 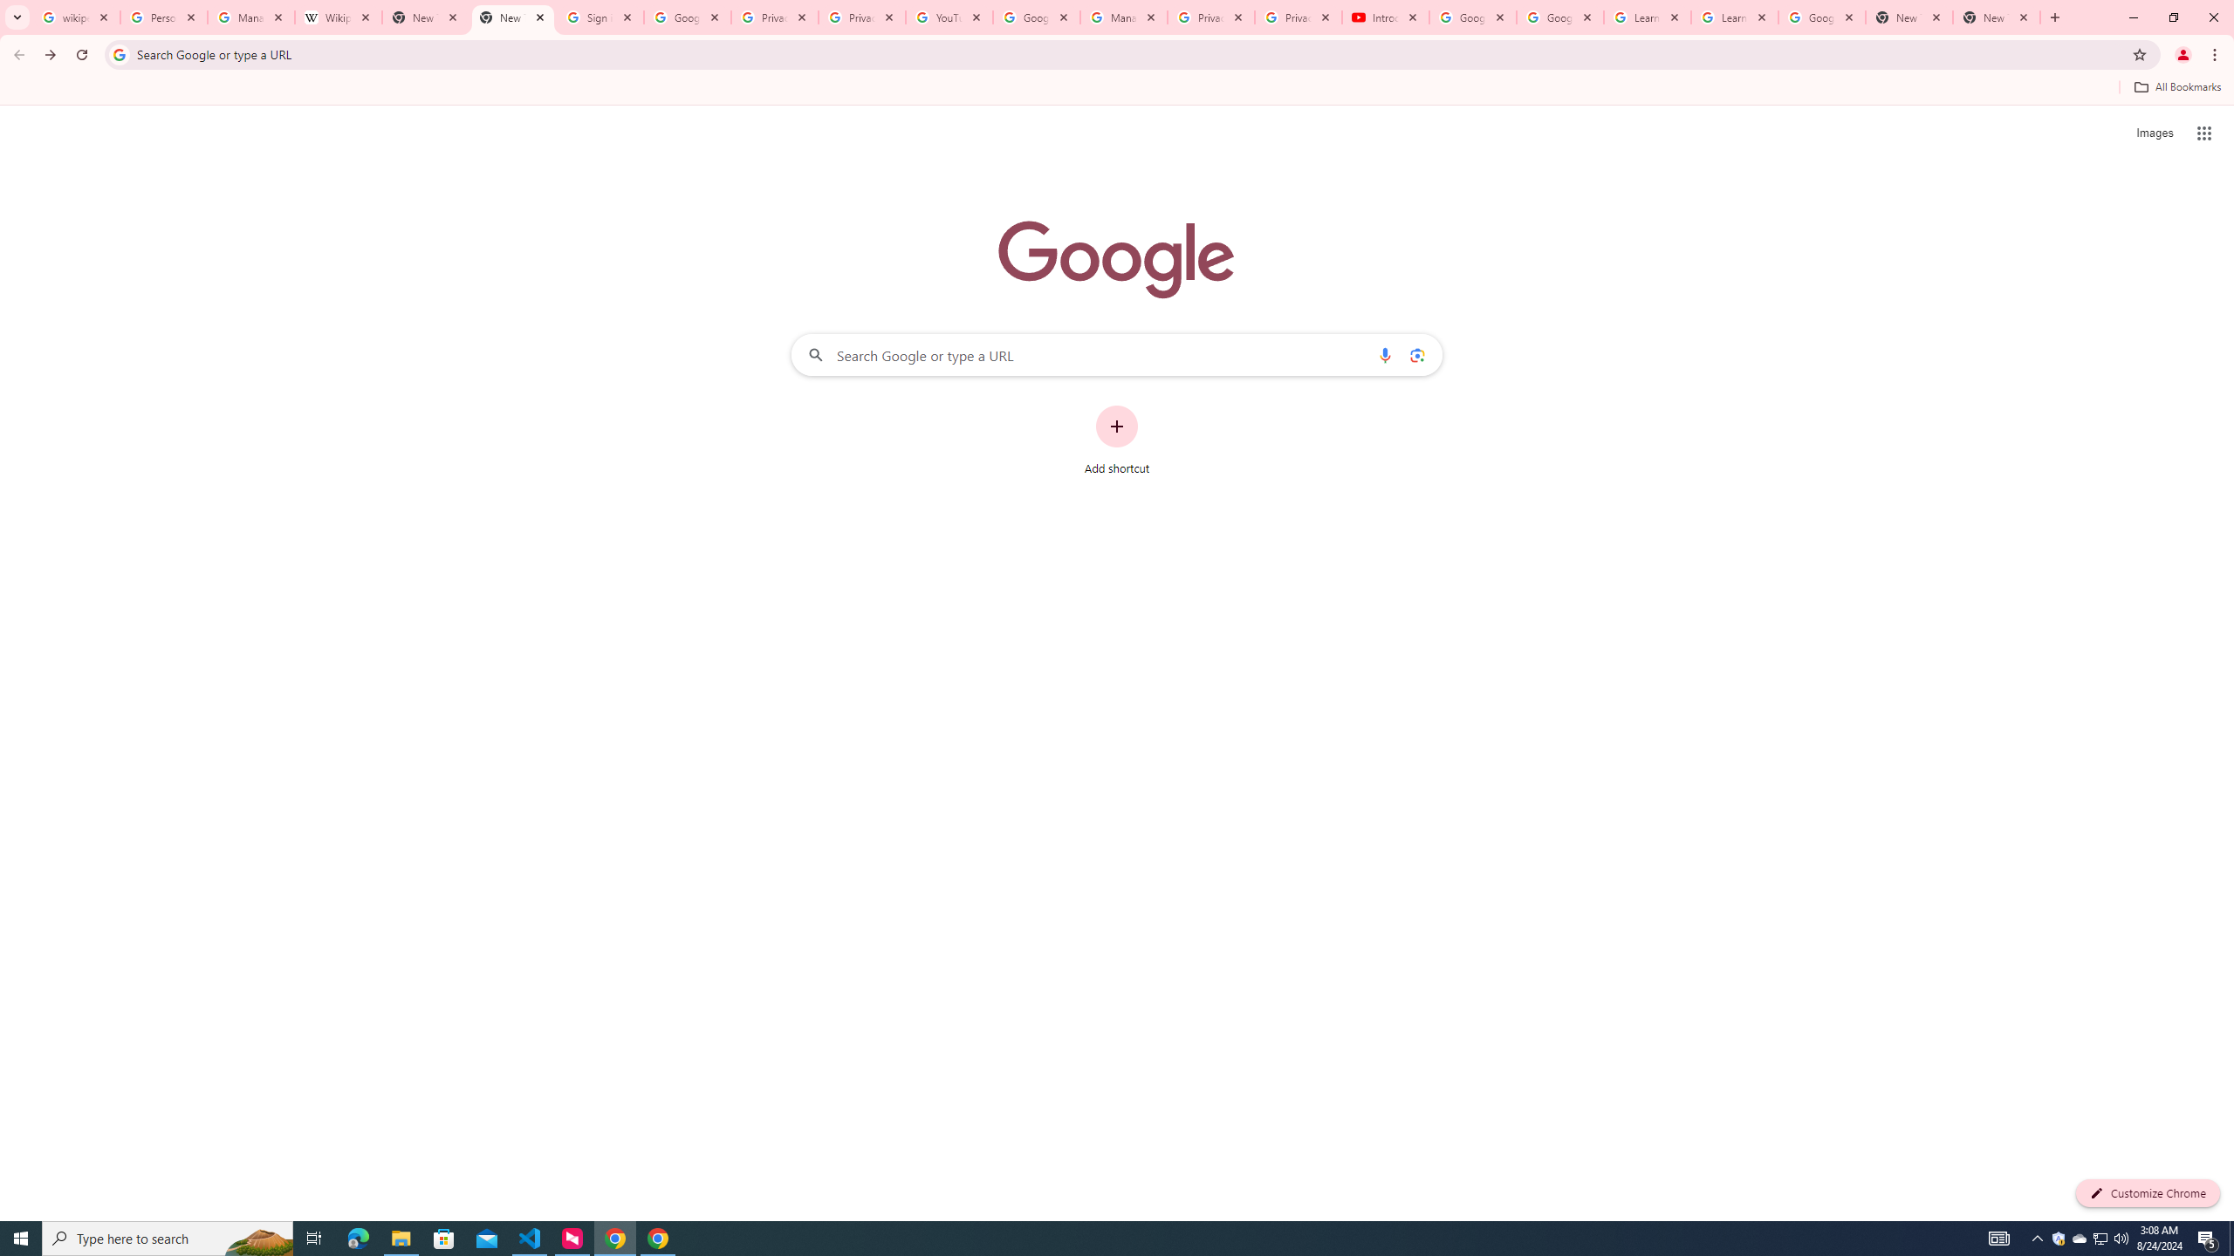 I want to click on 'Google Drive: Sign-in', so click(x=687, y=17).